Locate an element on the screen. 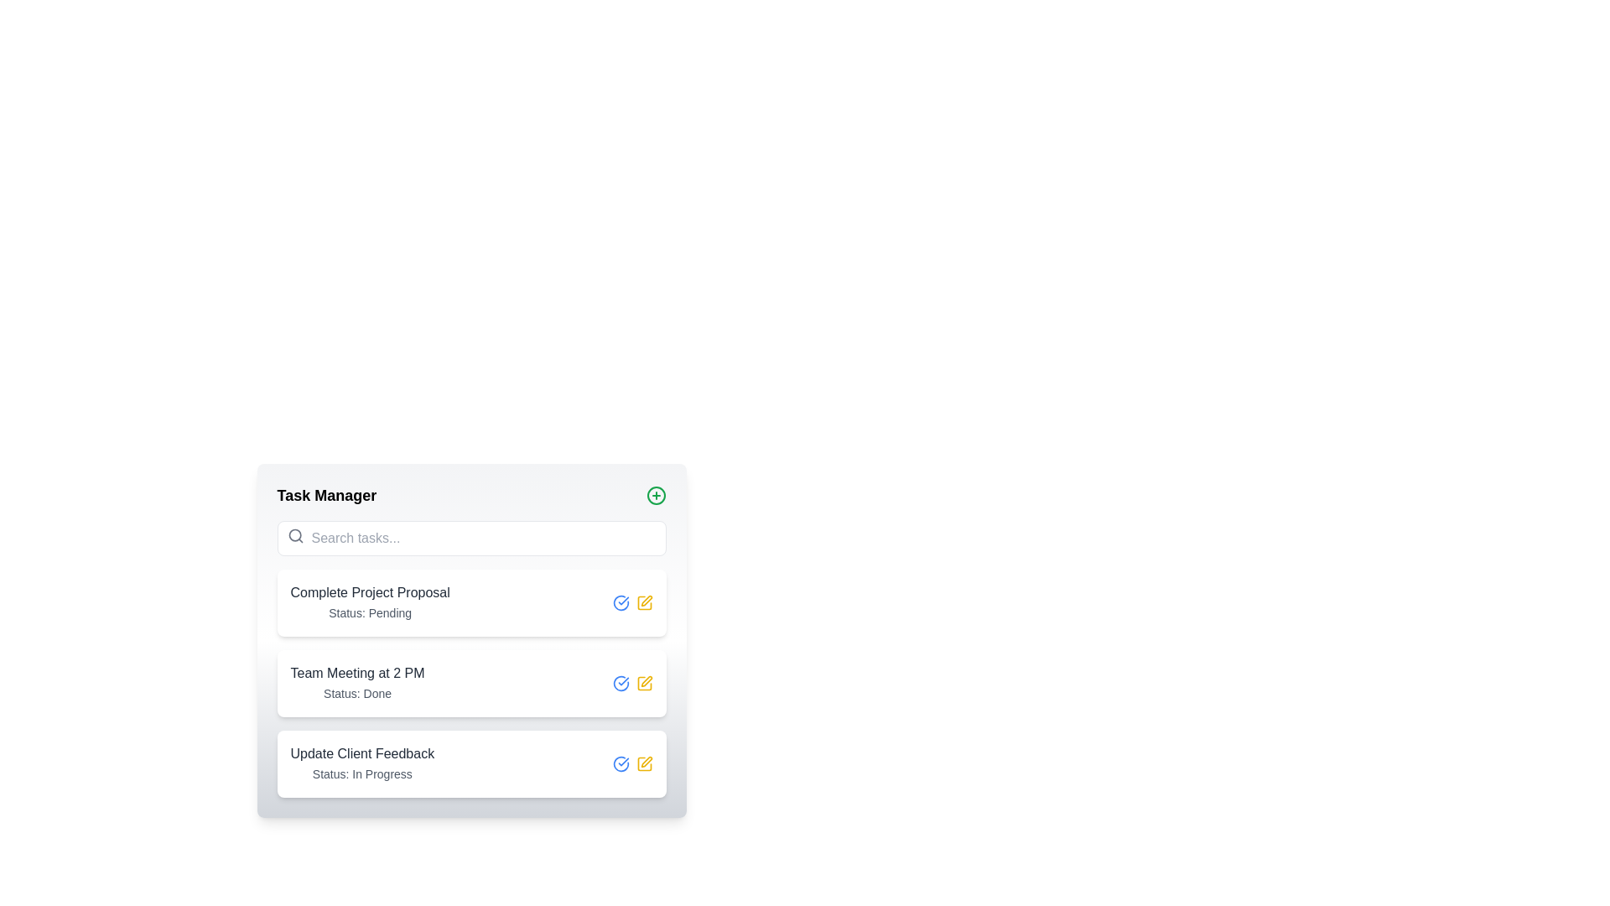 This screenshot has height=906, width=1610. the small circle representing the lens of the magnifying glass in the search icon located at the top left corner of the 'Search tasks...' input field in the 'Task Manager' section is located at coordinates (294, 535).